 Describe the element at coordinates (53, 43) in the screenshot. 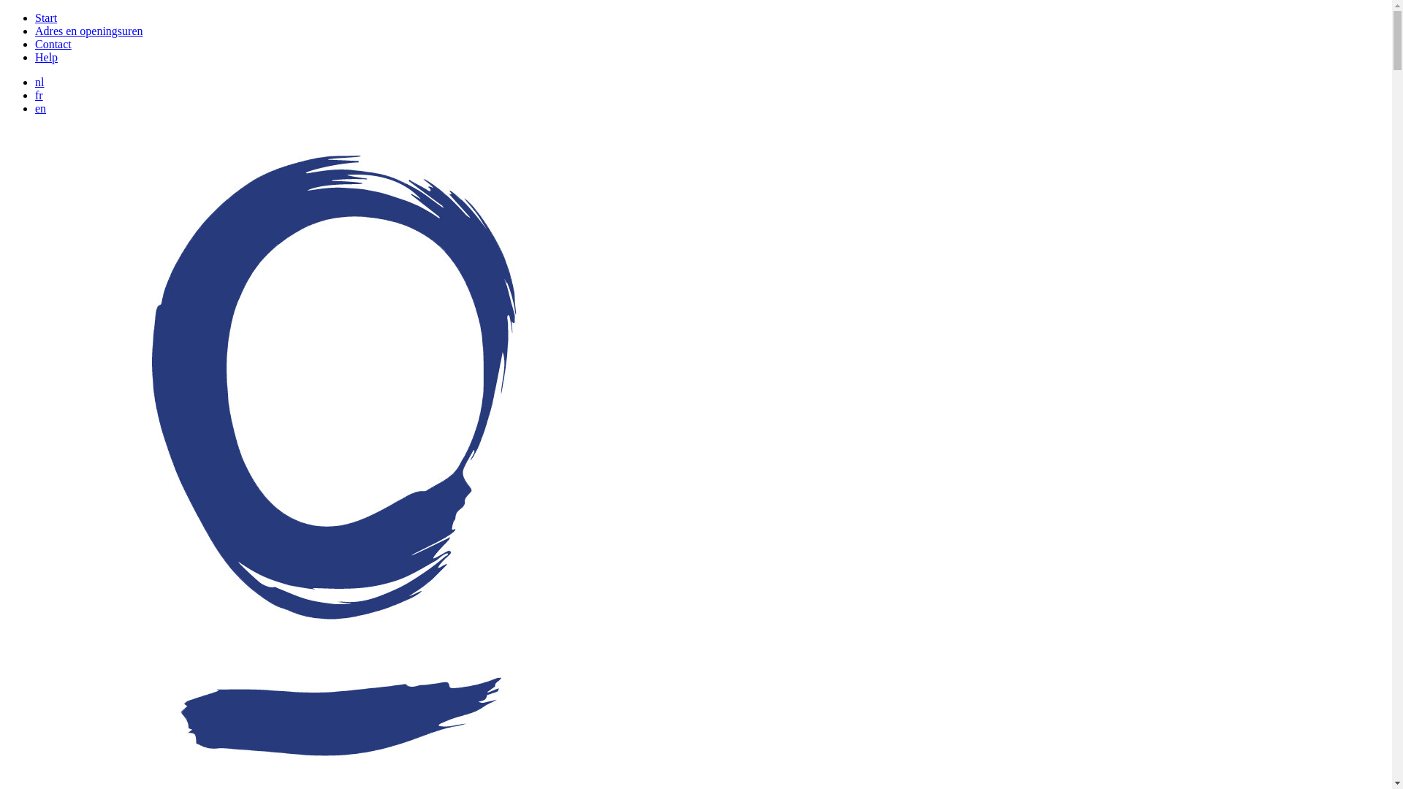

I see `'Contact'` at that location.